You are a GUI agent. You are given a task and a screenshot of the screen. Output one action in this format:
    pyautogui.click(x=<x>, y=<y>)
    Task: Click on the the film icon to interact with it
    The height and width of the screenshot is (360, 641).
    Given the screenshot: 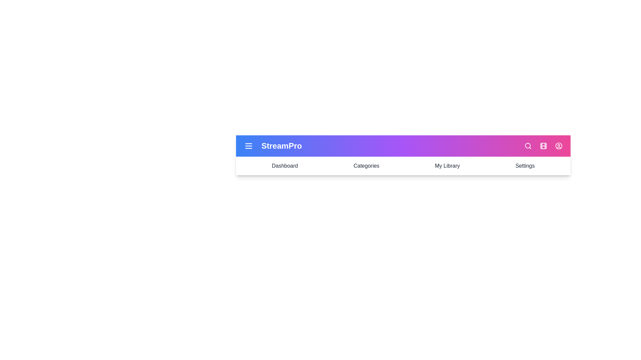 What is the action you would take?
    pyautogui.click(x=543, y=146)
    